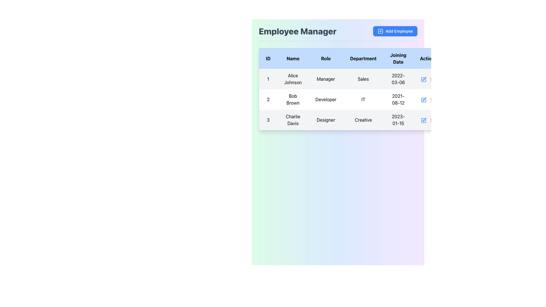  Describe the element at coordinates (399, 31) in the screenshot. I see `the 'Add Employee' text label located on the right side of the button's icon in the top-right corner of the interface` at that location.